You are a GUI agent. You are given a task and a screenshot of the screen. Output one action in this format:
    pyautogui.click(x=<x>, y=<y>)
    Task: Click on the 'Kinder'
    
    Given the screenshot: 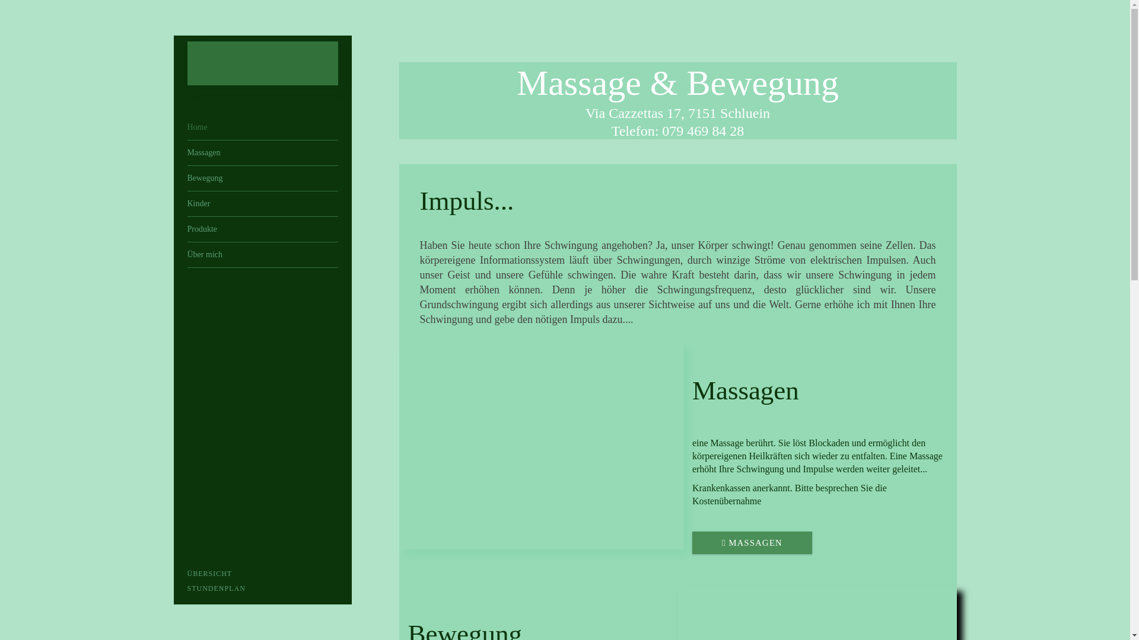 What is the action you would take?
    pyautogui.click(x=262, y=203)
    